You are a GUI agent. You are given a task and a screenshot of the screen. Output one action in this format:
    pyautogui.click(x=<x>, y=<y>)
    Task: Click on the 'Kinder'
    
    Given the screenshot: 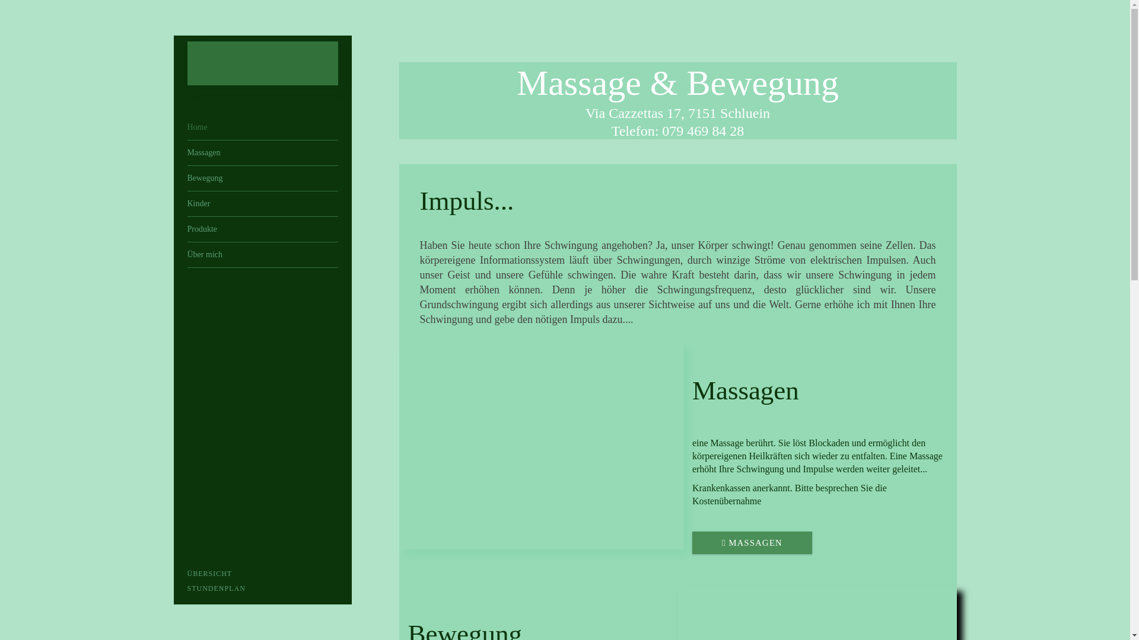 What is the action you would take?
    pyautogui.click(x=262, y=203)
    